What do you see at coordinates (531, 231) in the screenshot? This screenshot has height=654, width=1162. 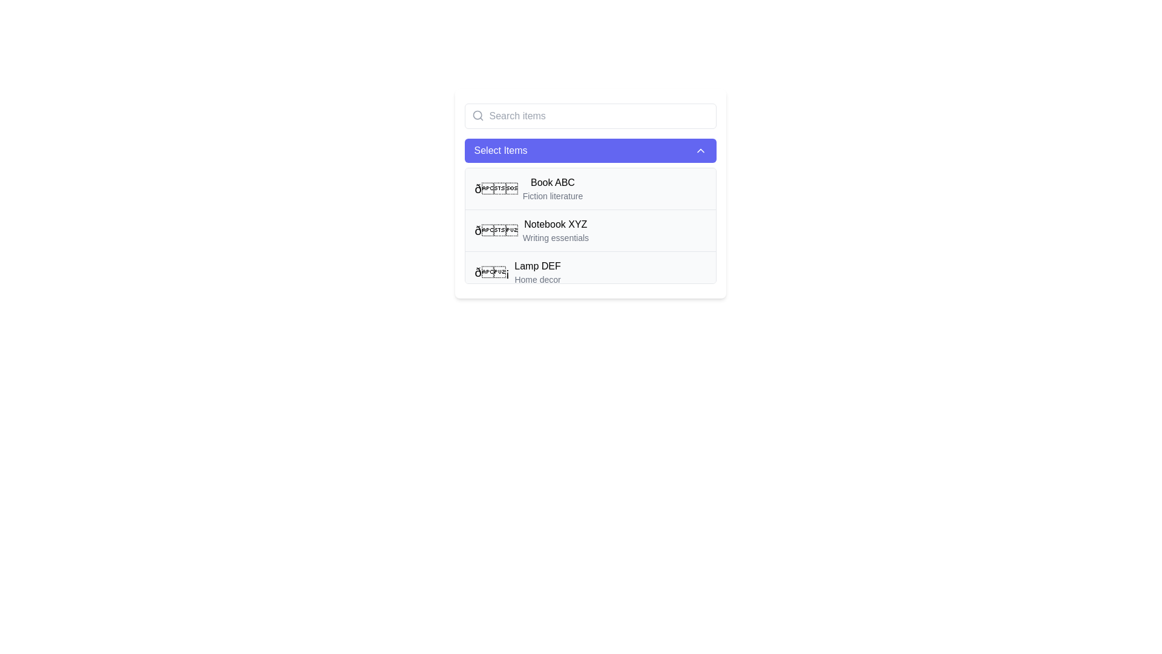 I see `the selectable list item titled 'Notebook XYZ' with a notebook emoji, located in the second row of the dropdown menu` at bounding box center [531, 231].